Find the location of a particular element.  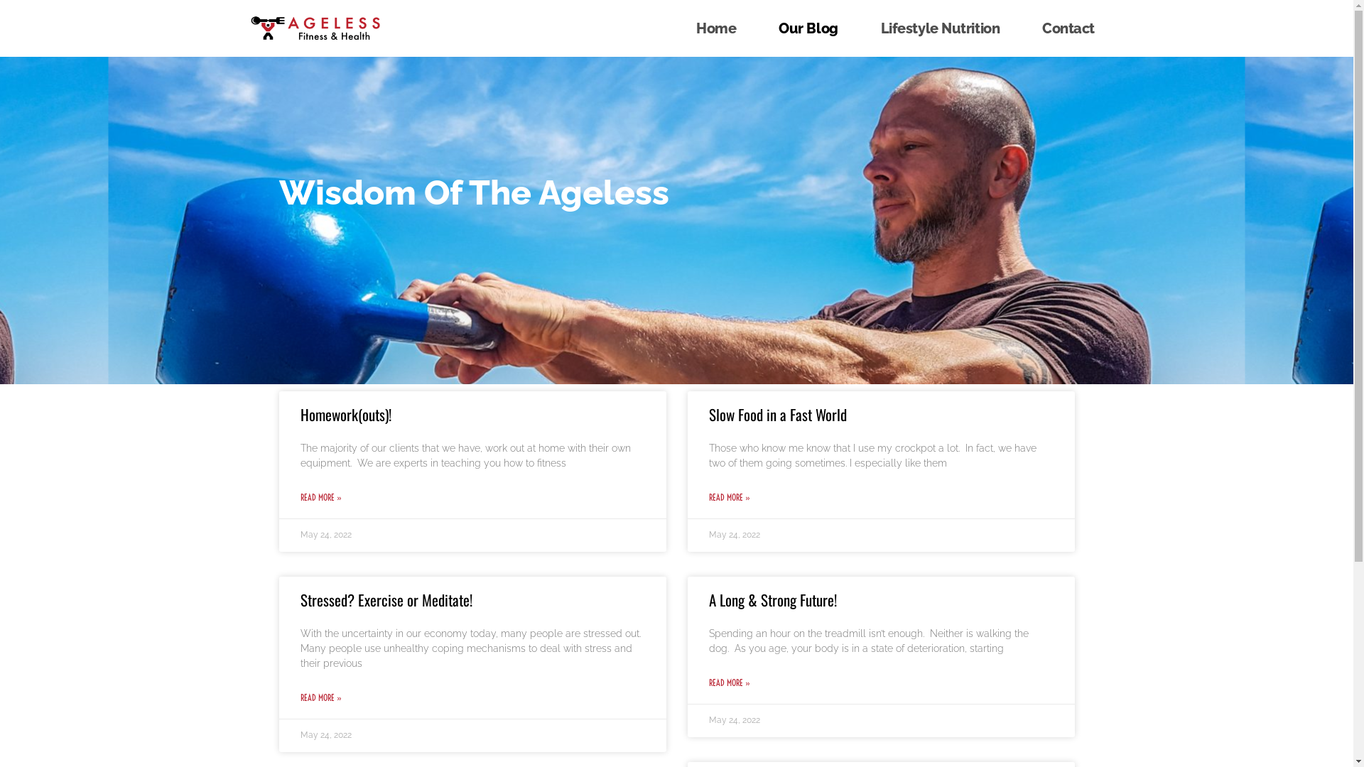

'Our Blog' is located at coordinates (808, 28).